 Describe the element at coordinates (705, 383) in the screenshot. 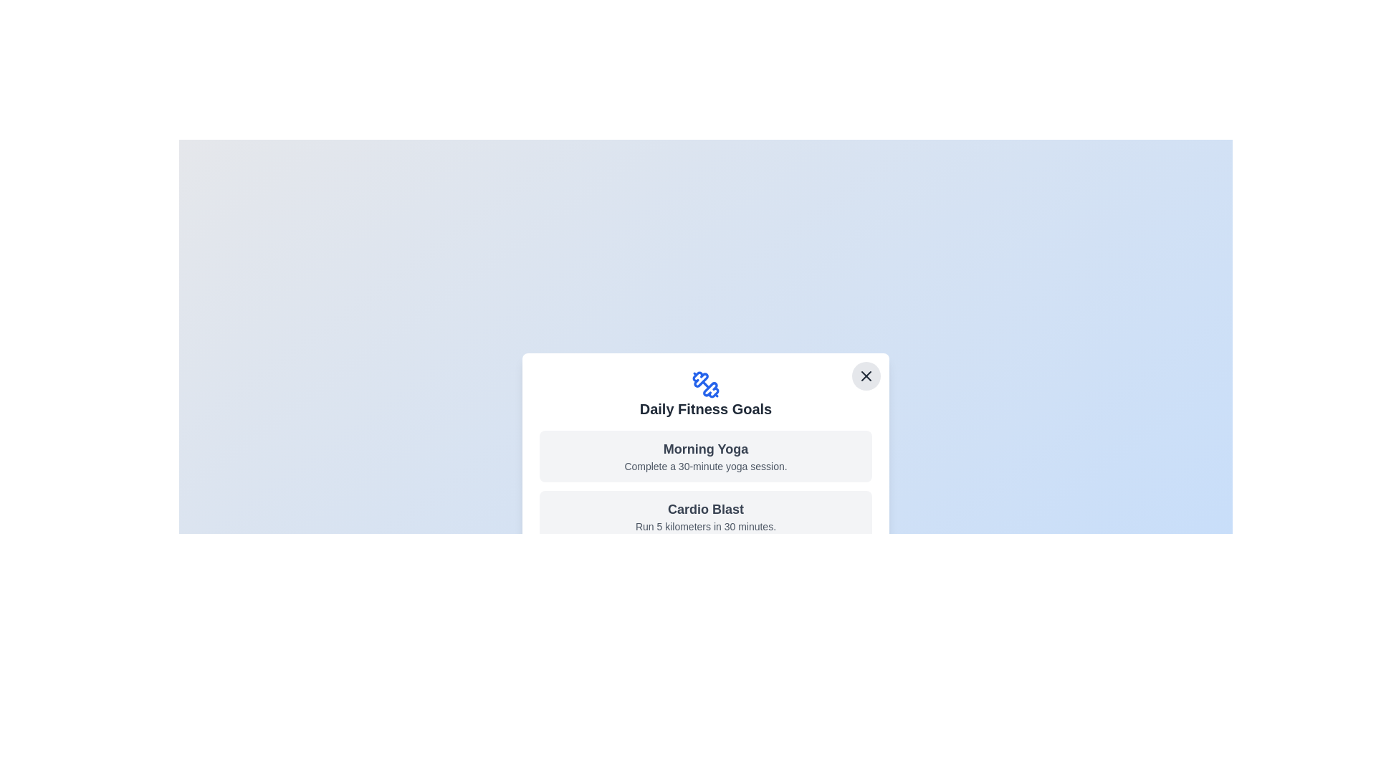

I see `the blue dumbbell icon located centrally above the header titled 'Daily Fitness Goals'` at that location.